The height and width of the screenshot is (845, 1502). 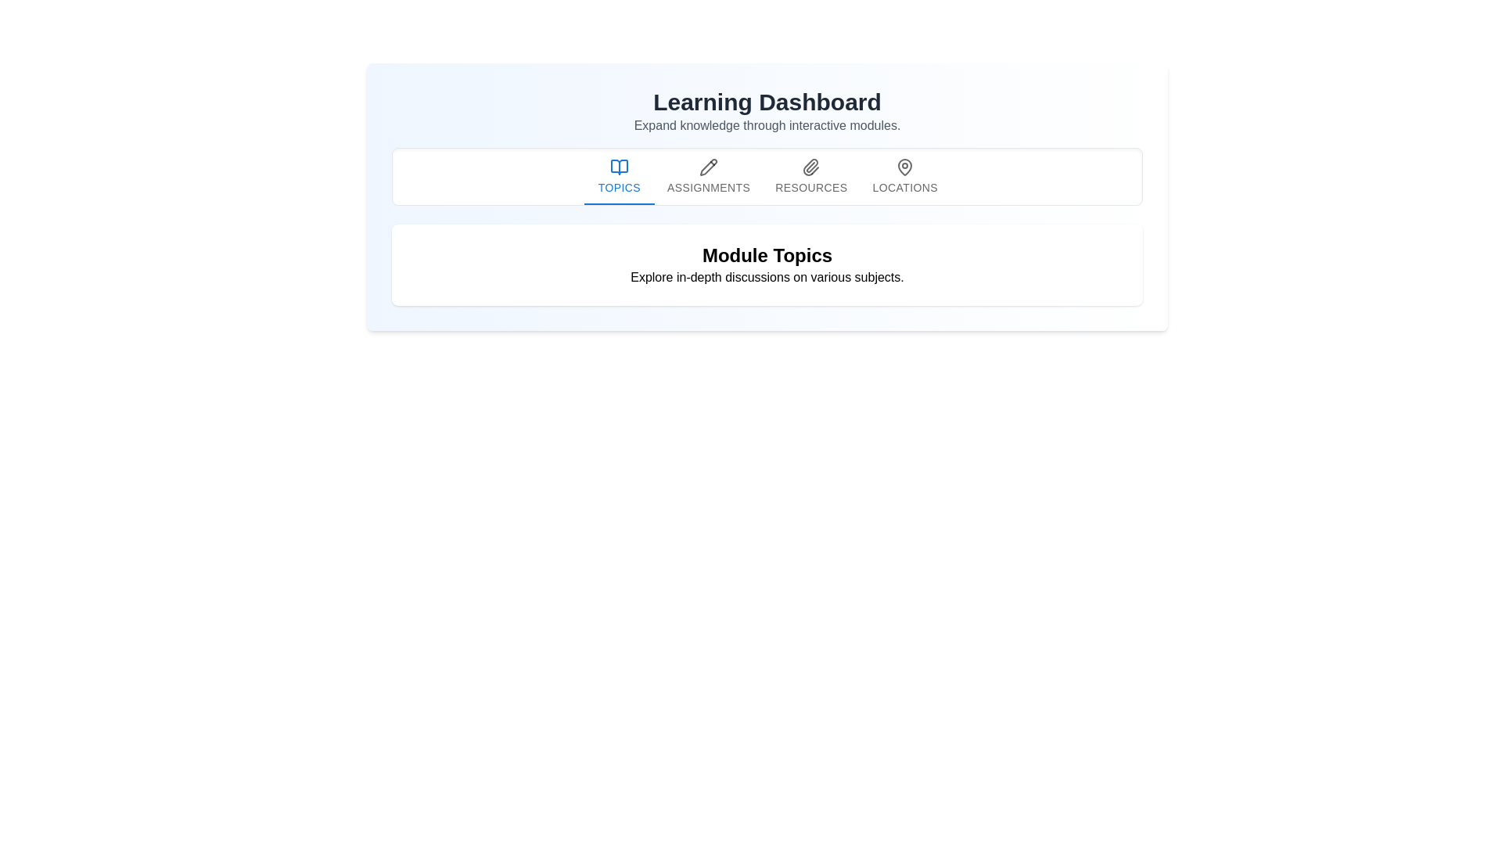 What do you see at coordinates (767, 276) in the screenshot?
I see `the text label displaying 'Explore in-depth discussions on various subjects.' which is located directly beneath the header 'Module Topics'` at bounding box center [767, 276].